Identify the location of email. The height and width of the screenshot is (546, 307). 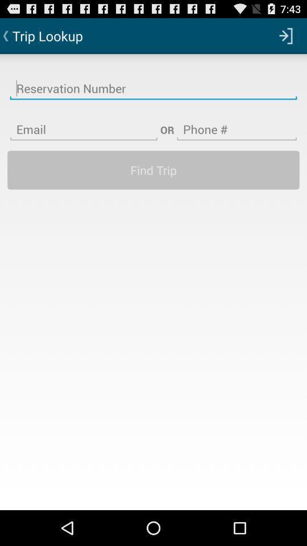
(83, 122).